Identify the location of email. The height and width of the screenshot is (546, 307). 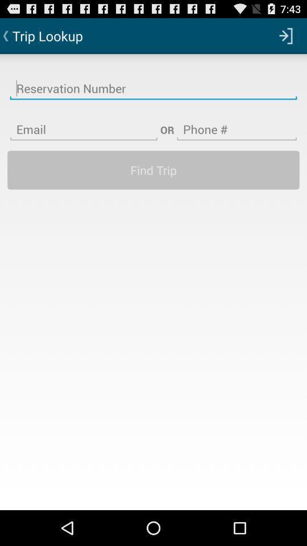
(83, 122).